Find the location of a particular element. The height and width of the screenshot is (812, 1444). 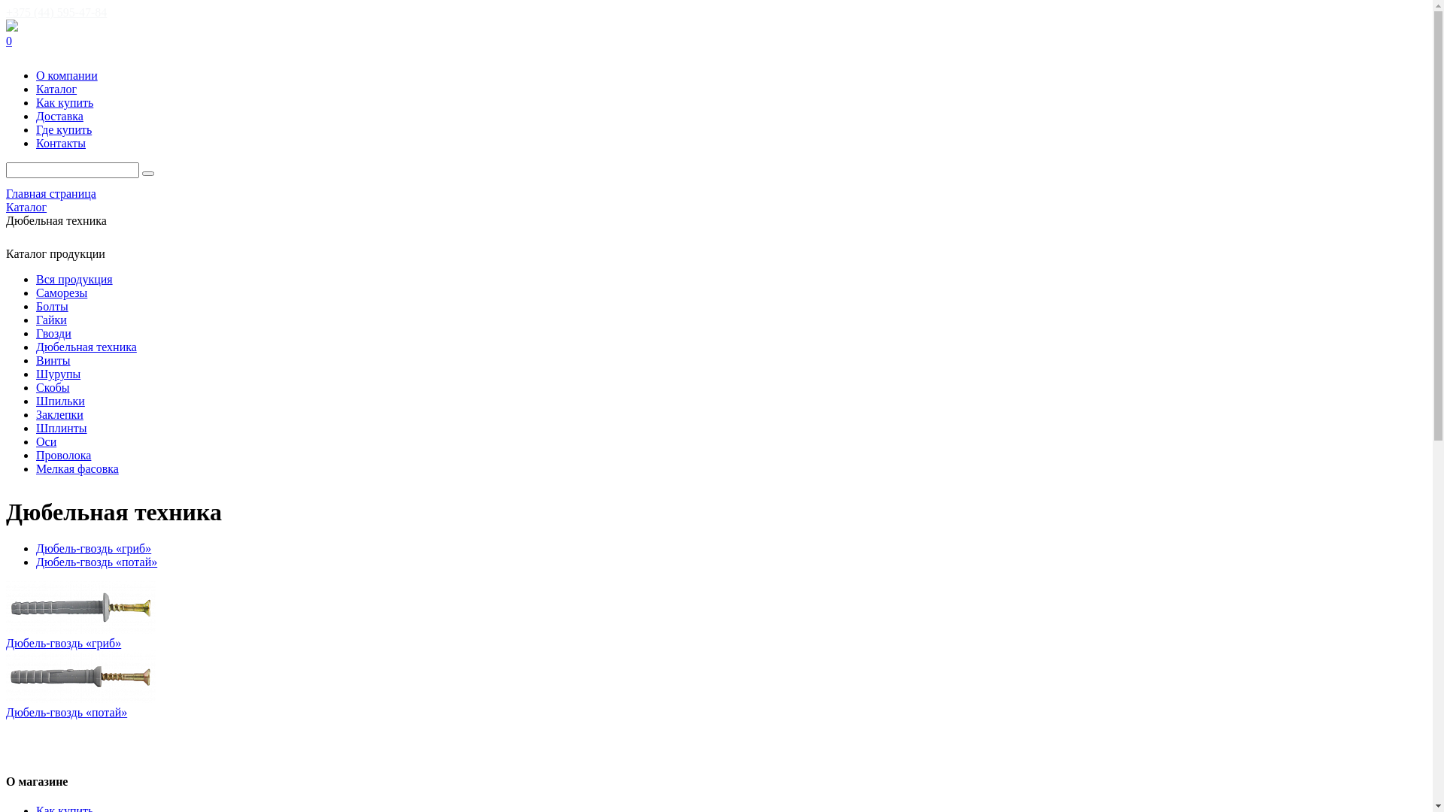

'0' is located at coordinates (715, 40).